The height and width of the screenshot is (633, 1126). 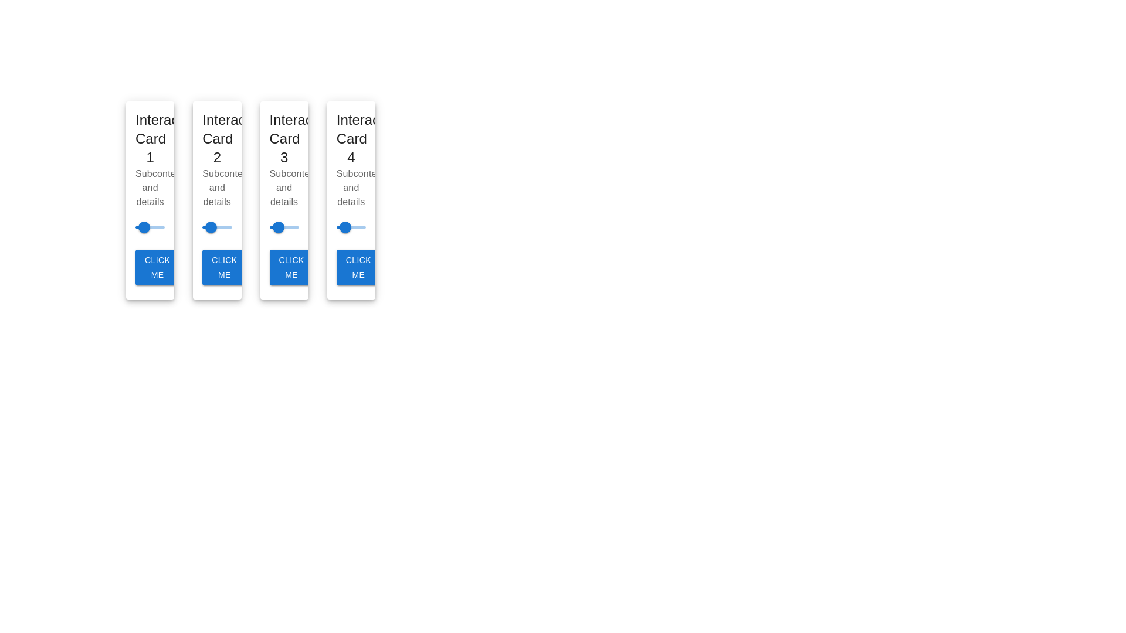 I want to click on the slider value, so click(x=148, y=227).